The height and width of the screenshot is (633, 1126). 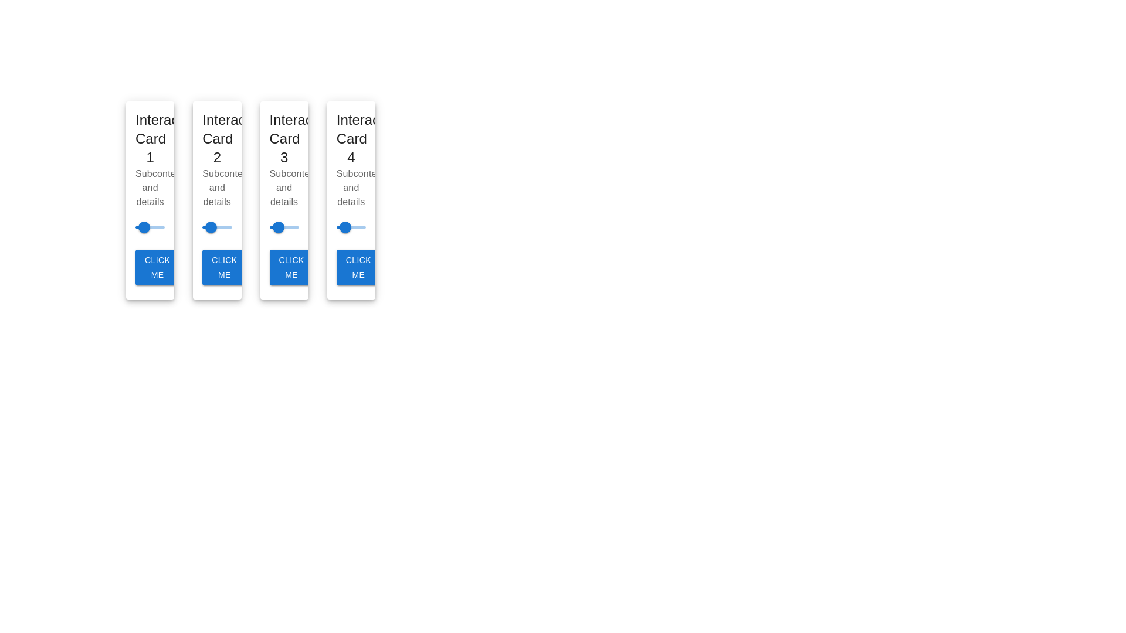 I want to click on the slider value, so click(x=148, y=227).